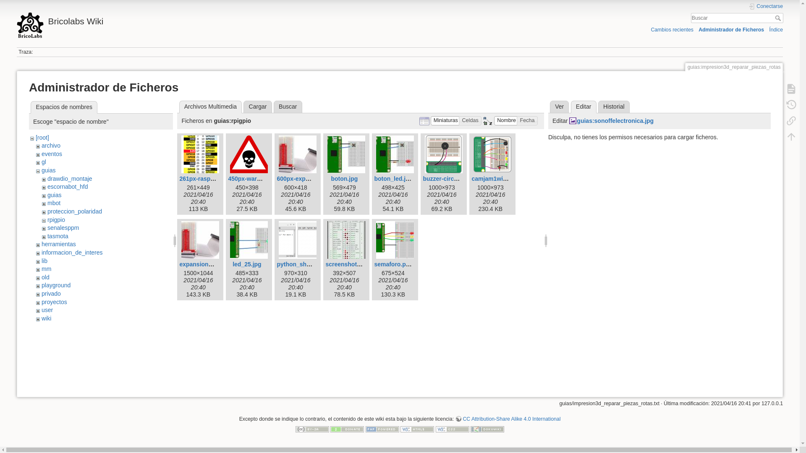 This screenshot has width=806, height=453. What do you see at coordinates (50, 145) in the screenshot?
I see `'archivo'` at bounding box center [50, 145].